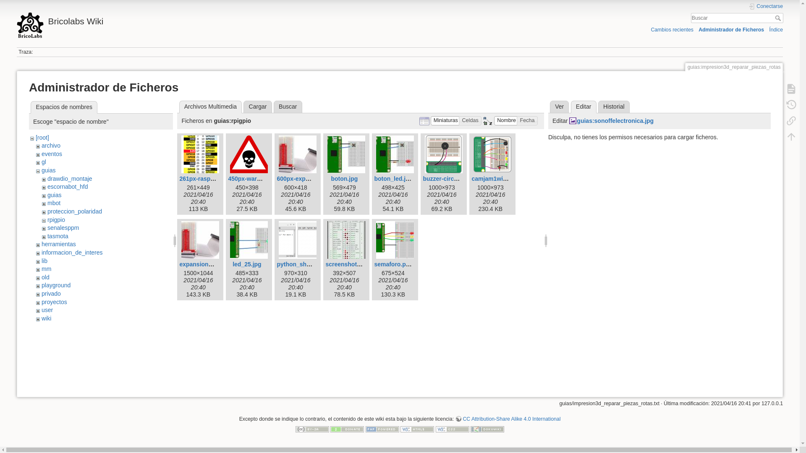 This screenshot has width=806, height=453. What do you see at coordinates (50, 145) in the screenshot?
I see `'archivo'` at bounding box center [50, 145].